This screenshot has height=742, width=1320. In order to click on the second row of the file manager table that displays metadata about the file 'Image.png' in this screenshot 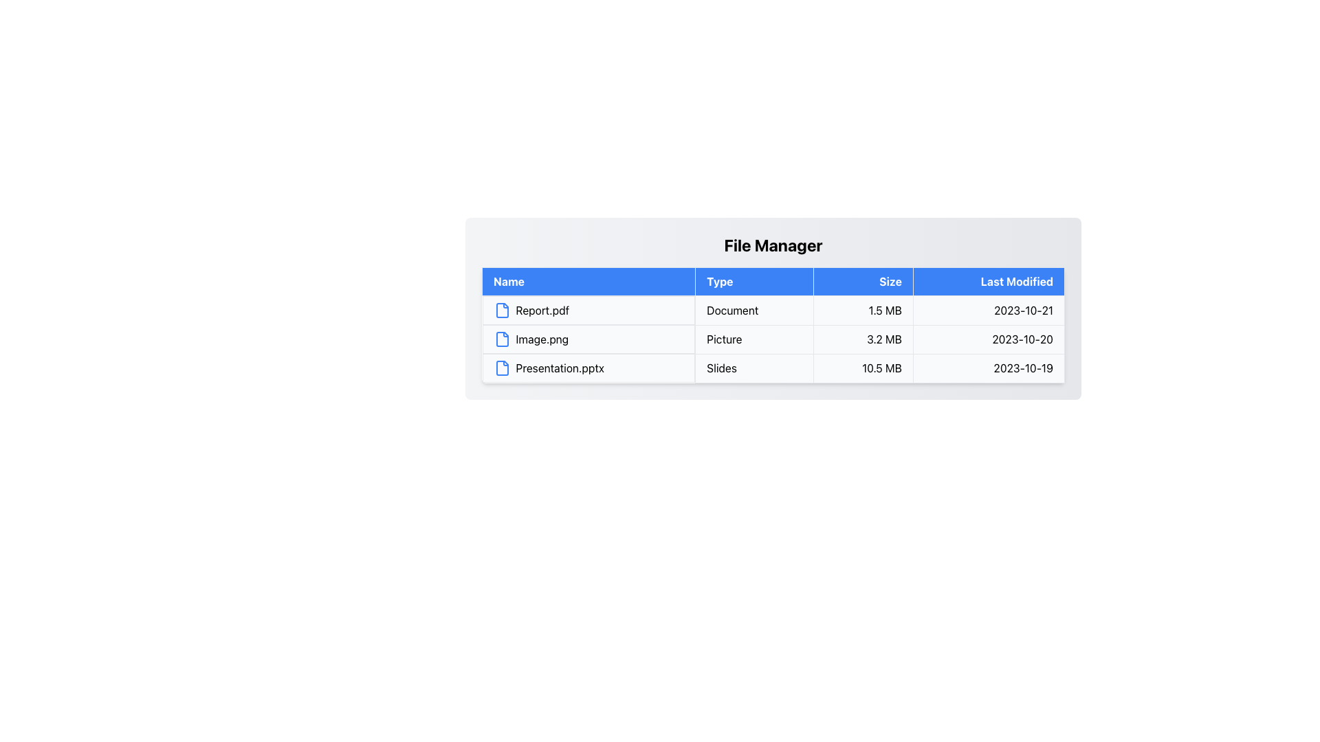, I will do `click(773, 339)`.